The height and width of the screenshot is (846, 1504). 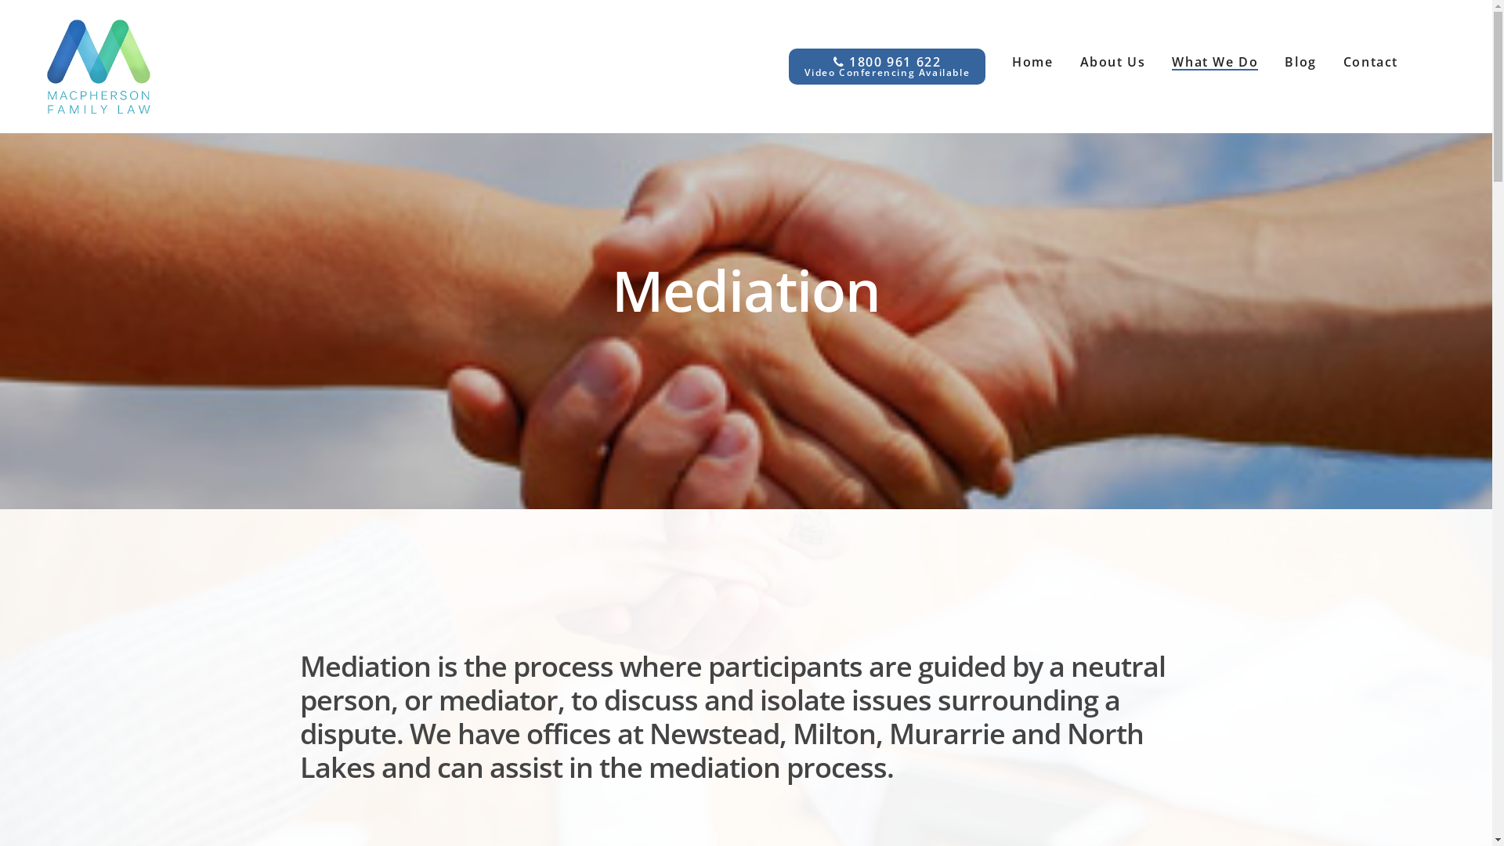 What do you see at coordinates (1300, 60) in the screenshot?
I see `'Blog'` at bounding box center [1300, 60].